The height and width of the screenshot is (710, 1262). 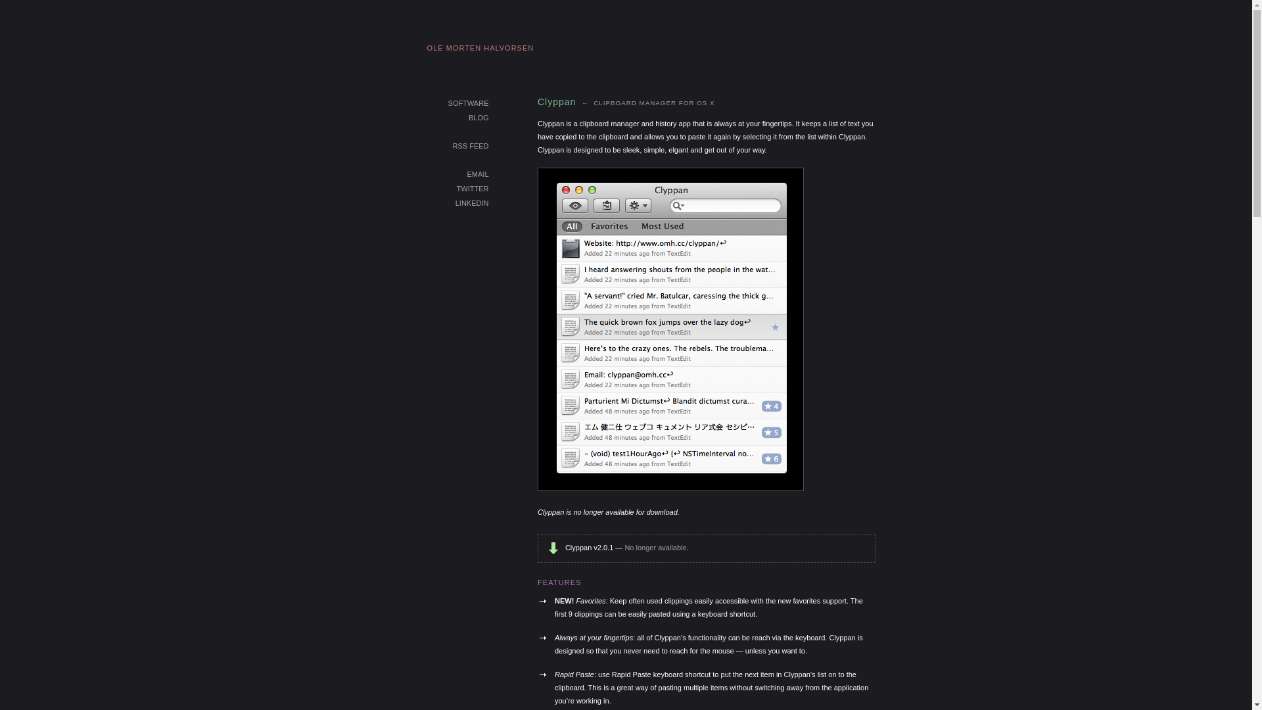 What do you see at coordinates (477, 174) in the screenshot?
I see `'EMAIL'` at bounding box center [477, 174].